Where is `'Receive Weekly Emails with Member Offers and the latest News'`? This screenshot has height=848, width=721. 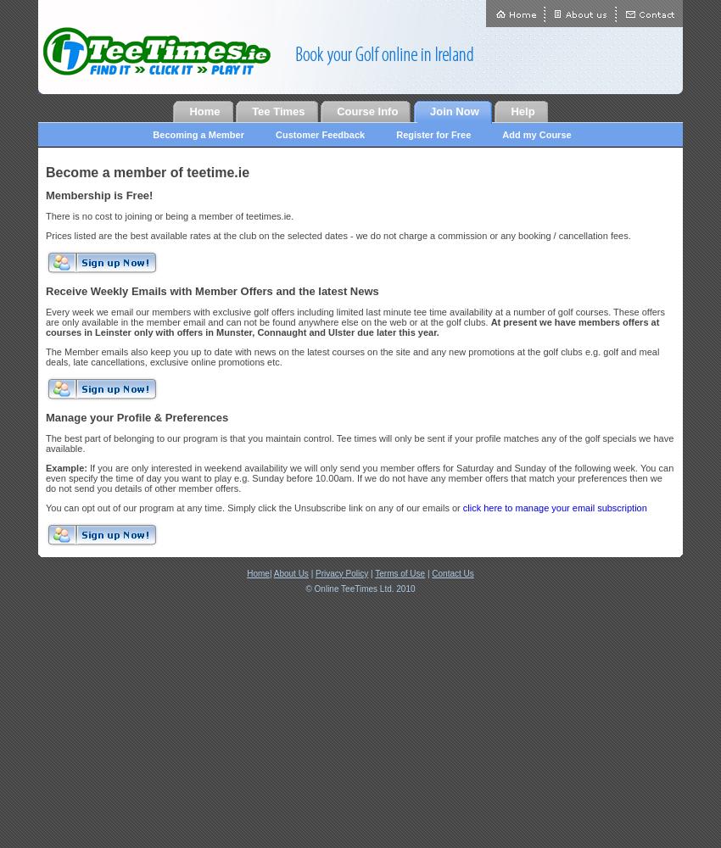
'Receive Weekly Emails with Member Offers and the latest News' is located at coordinates (45, 290).